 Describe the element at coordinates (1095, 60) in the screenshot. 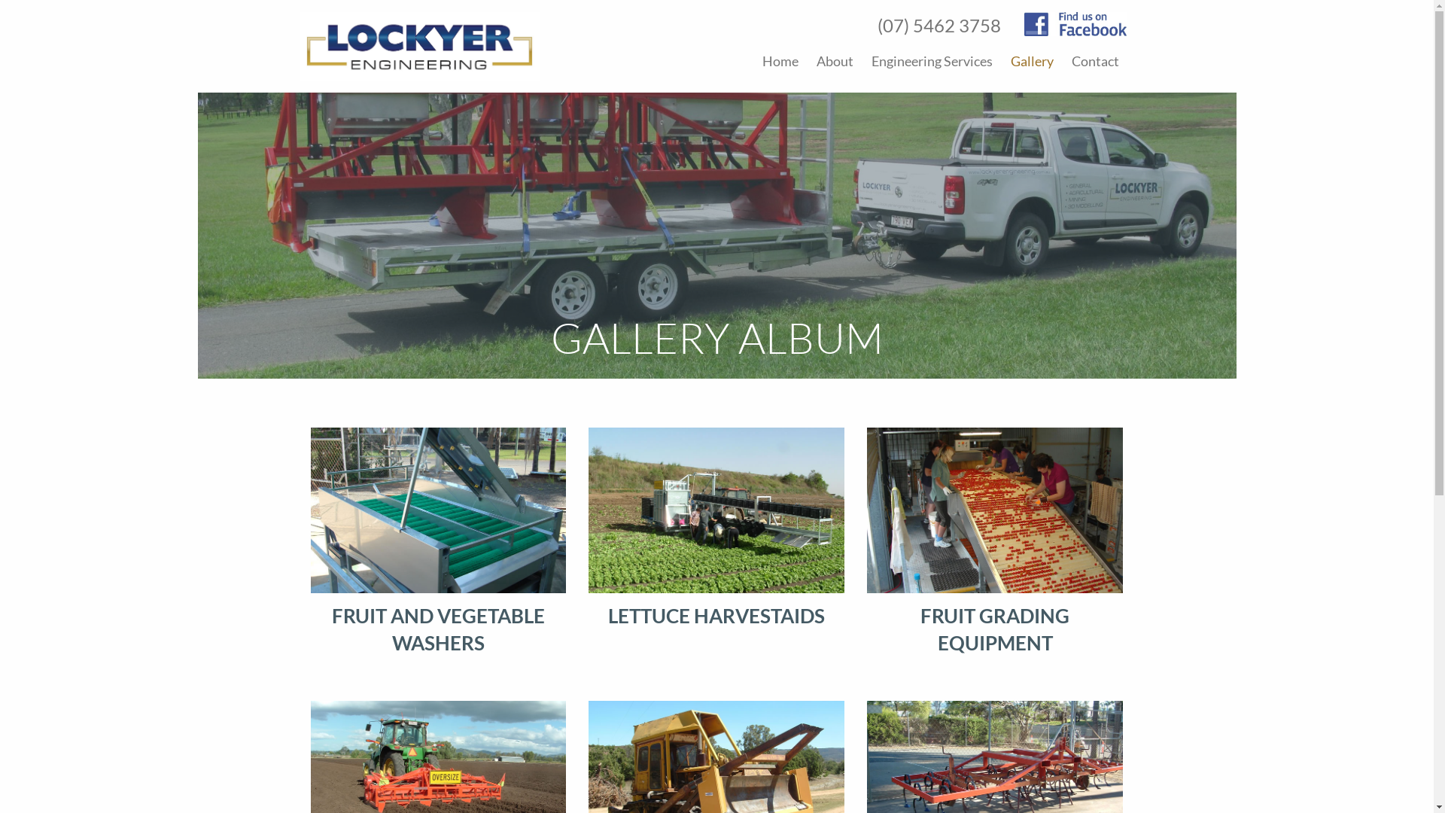

I see `'Contact'` at that location.